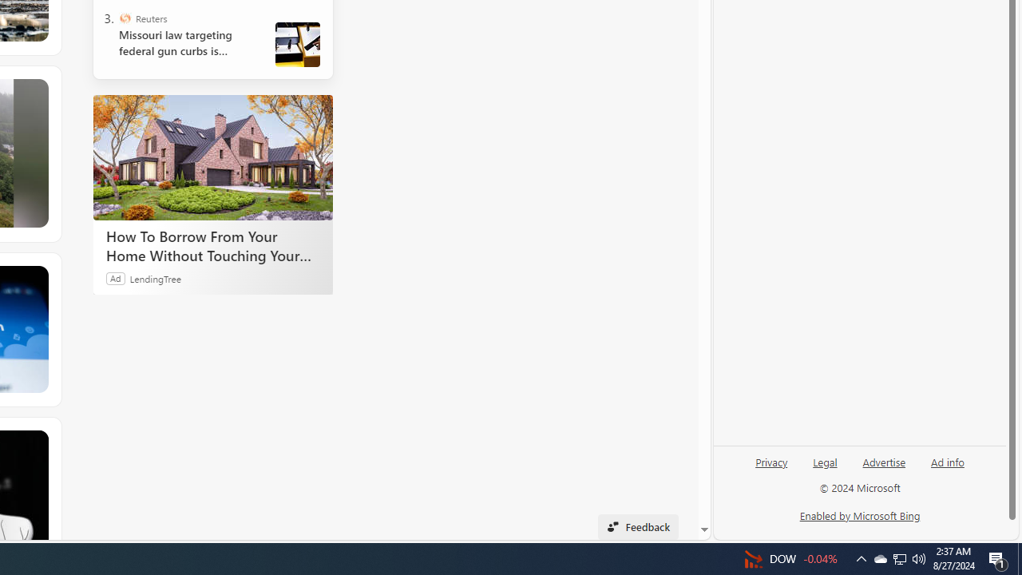 This screenshot has width=1022, height=575. What do you see at coordinates (883, 461) in the screenshot?
I see `'Advertise'` at bounding box center [883, 461].